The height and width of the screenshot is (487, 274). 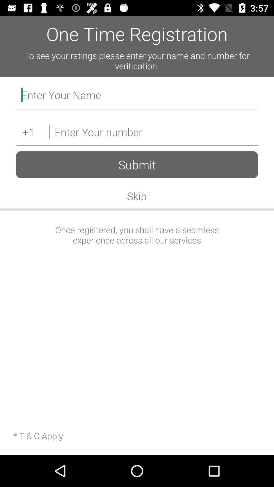 What do you see at coordinates (137, 96) in the screenshot?
I see `the item below to see your icon` at bounding box center [137, 96].